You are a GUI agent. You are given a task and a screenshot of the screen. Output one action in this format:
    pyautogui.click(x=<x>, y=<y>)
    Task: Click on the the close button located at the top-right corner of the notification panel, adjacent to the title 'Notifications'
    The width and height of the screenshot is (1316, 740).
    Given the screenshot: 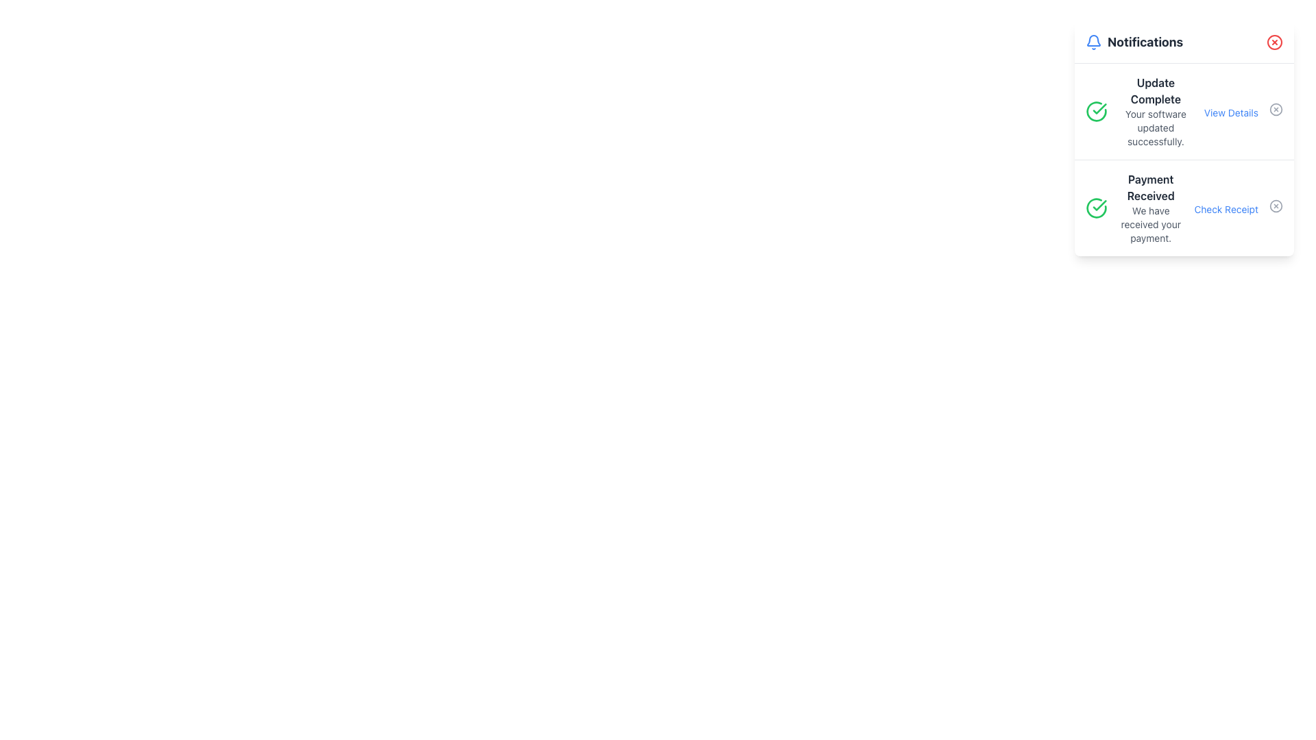 What is the action you would take?
    pyautogui.click(x=1274, y=41)
    